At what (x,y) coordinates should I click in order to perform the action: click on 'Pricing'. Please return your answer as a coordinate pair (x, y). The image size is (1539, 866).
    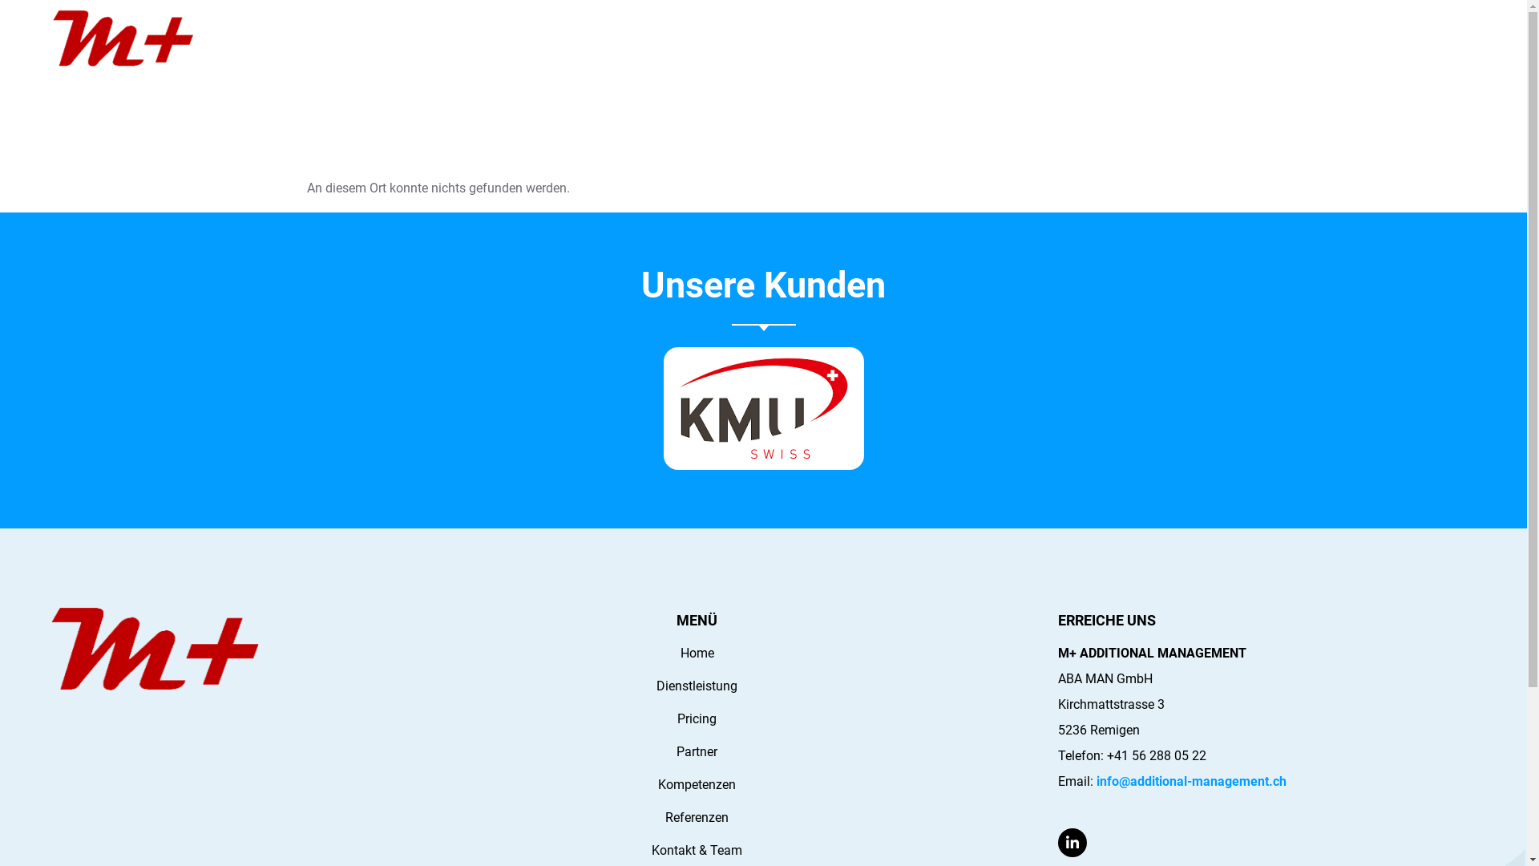
    Looking at the image, I should click on (697, 718).